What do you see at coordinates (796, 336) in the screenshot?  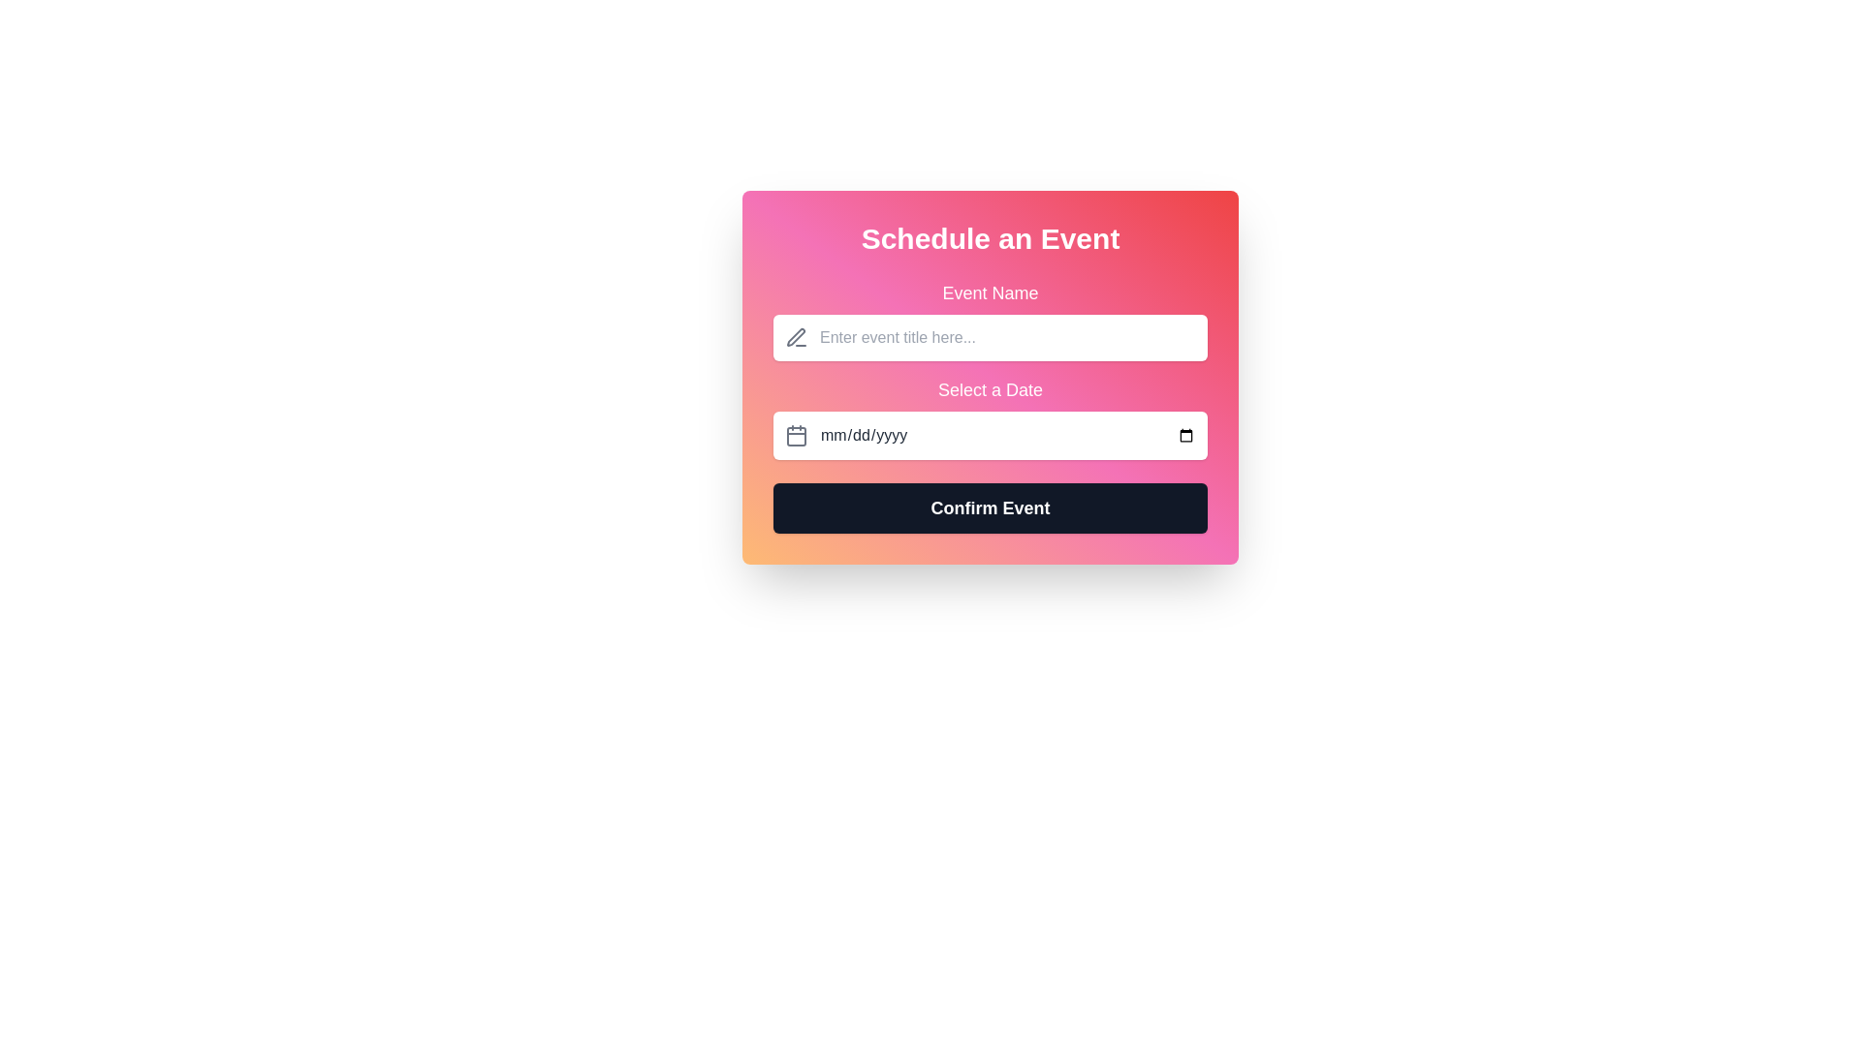 I see `the icon located directly to the left of the text input field for entering an event title` at bounding box center [796, 336].